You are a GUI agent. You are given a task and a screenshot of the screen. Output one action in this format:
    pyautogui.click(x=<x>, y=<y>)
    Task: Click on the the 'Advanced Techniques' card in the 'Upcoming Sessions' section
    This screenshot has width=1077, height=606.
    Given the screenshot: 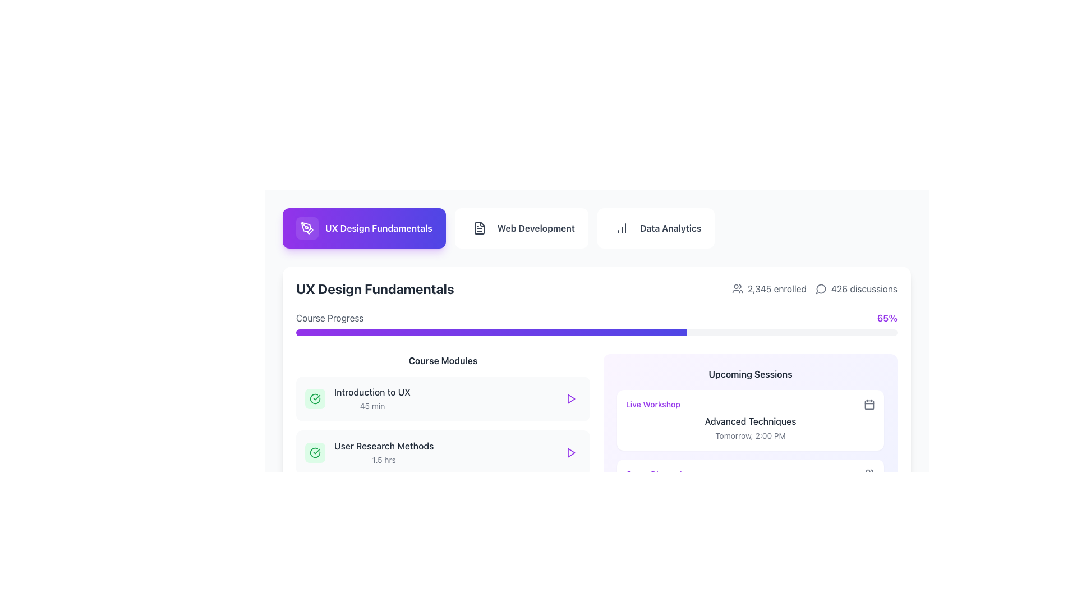 What is the action you would take?
    pyautogui.click(x=751, y=420)
    